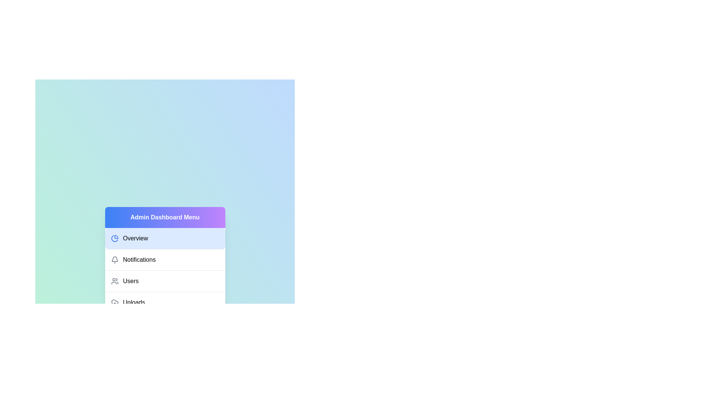  What do you see at coordinates (114, 238) in the screenshot?
I see `the icon for Overview to activate it` at bounding box center [114, 238].